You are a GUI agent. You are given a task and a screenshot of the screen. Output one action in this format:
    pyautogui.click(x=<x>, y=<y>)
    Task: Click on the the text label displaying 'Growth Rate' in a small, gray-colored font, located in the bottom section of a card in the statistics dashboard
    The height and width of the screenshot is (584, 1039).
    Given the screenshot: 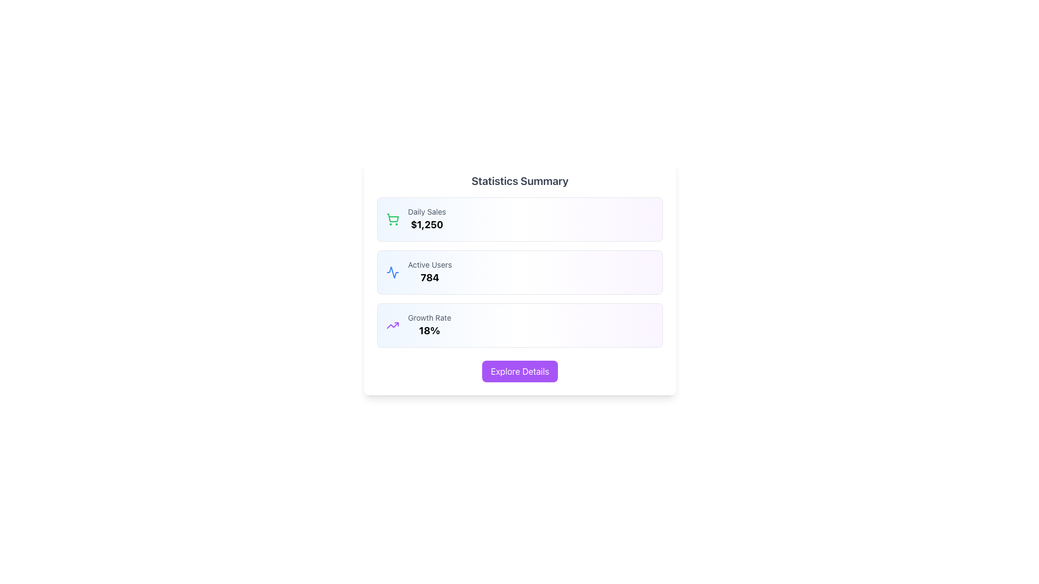 What is the action you would take?
    pyautogui.click(x=429, y=317)
    